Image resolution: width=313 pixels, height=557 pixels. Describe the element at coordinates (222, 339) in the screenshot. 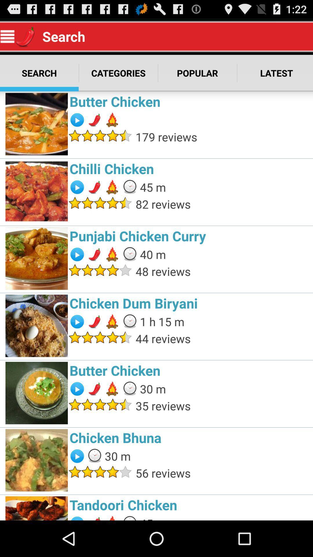

I see `the 44 reviews icon` at that location.